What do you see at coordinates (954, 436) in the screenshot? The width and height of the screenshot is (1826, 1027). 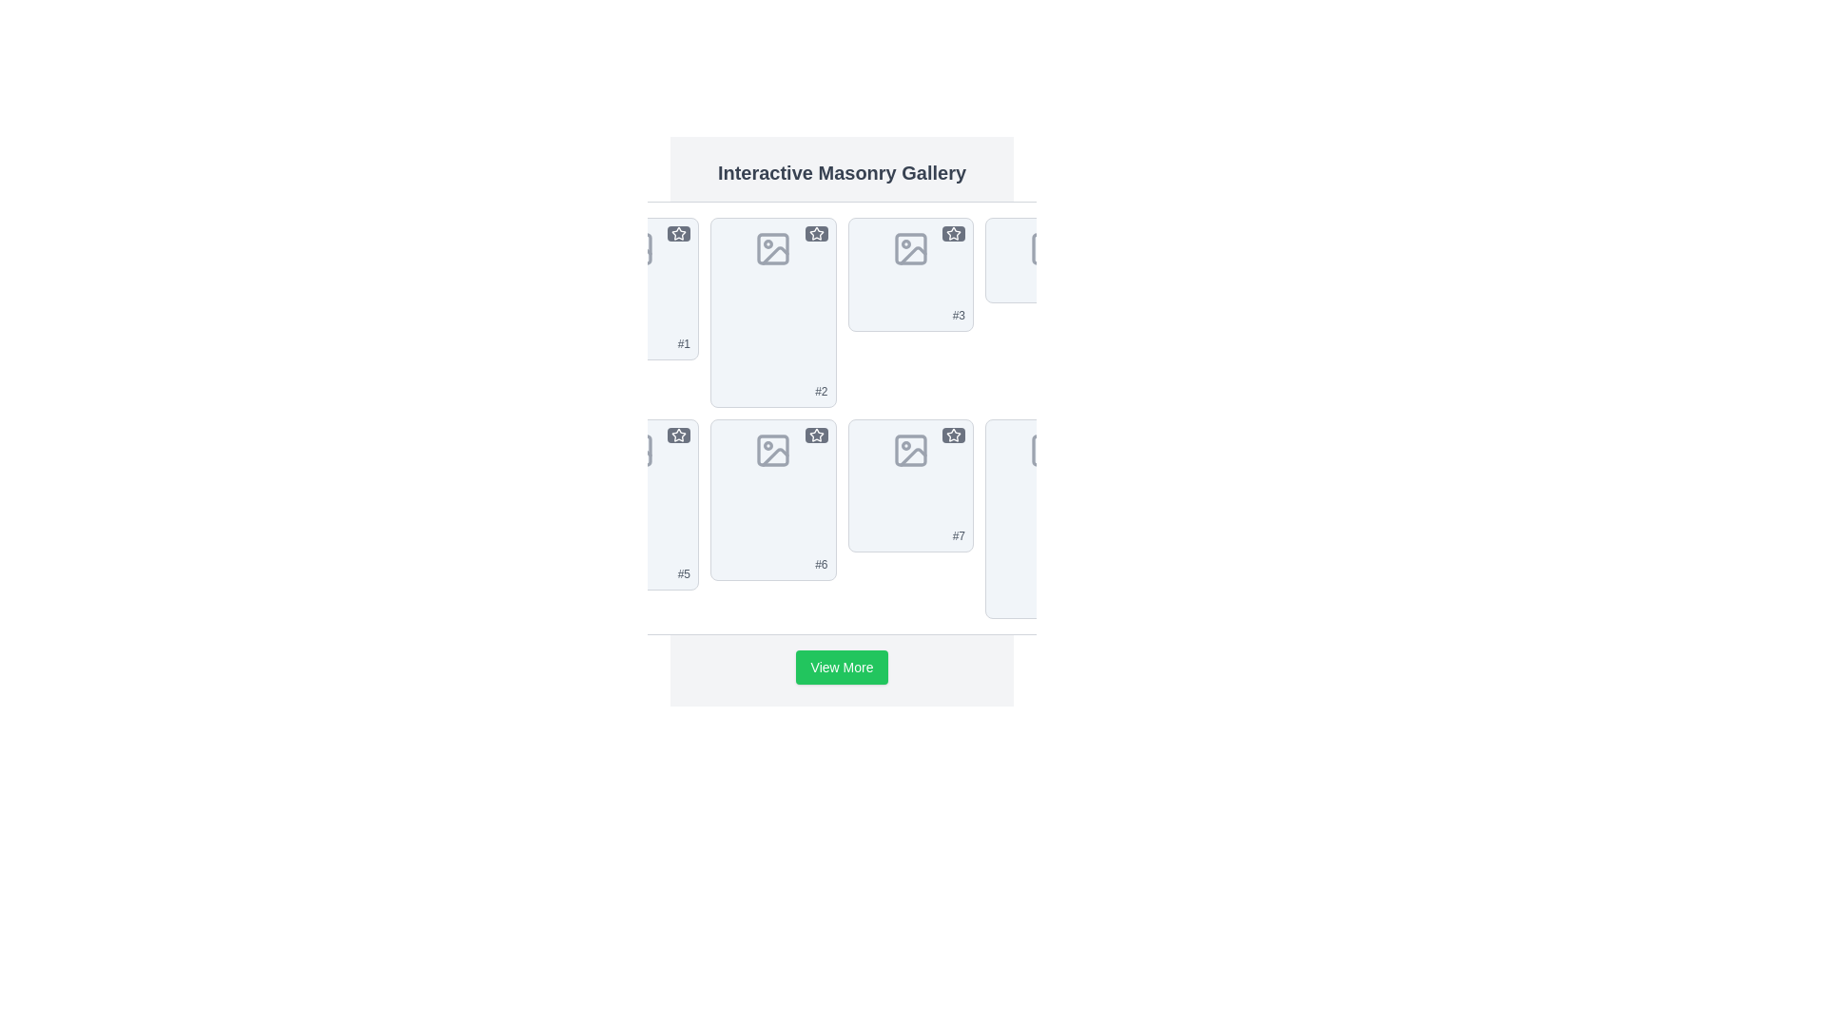 I see `the icon button` at bounding box center [954, 436].